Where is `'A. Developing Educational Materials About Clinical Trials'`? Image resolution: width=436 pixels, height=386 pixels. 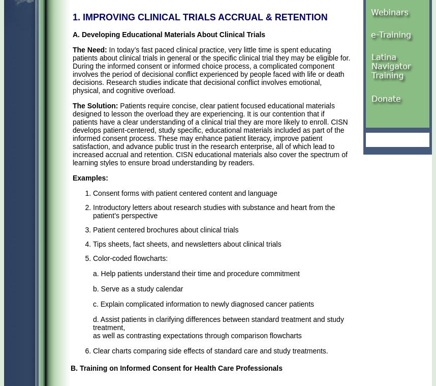 'A. Developing Educational Materials About Clinical Trials' is located at coordinates (72, 34).